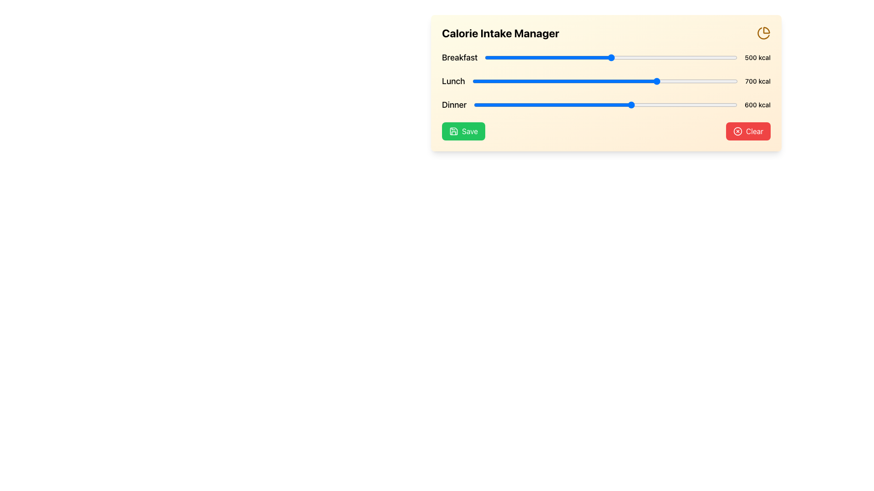 Image resolution: width=874 pixels, height=491 pixels. Describe the element at coordinates (597, 80) in the screenshot. I see `the lunch kcal value` at that location.